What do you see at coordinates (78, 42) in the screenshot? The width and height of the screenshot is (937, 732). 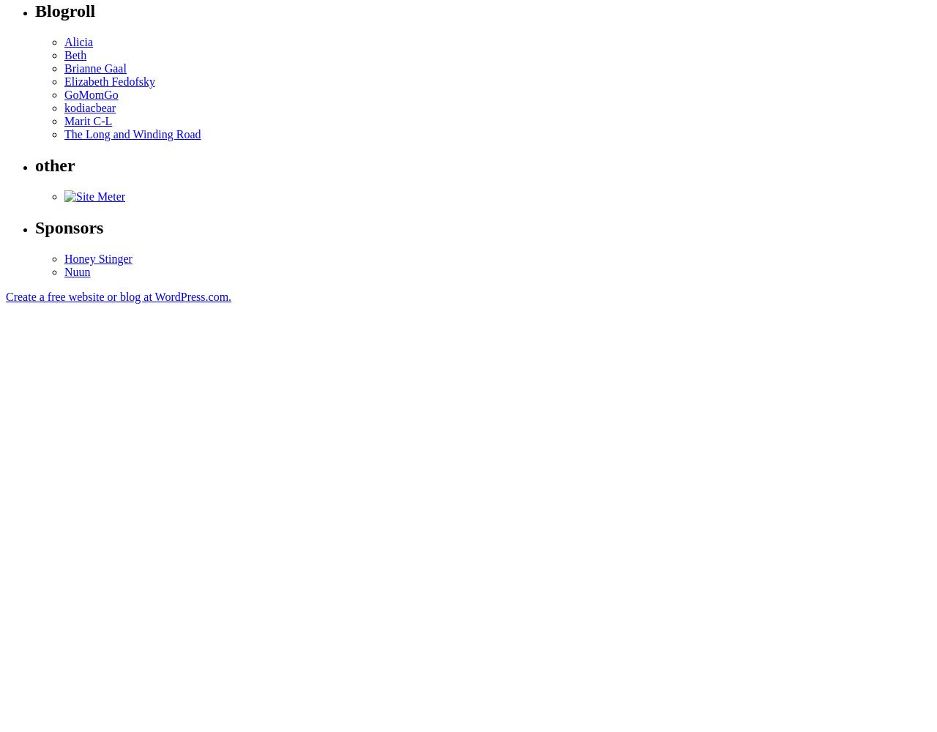 I see `'Alicia'` at bounding box center [78, 42].